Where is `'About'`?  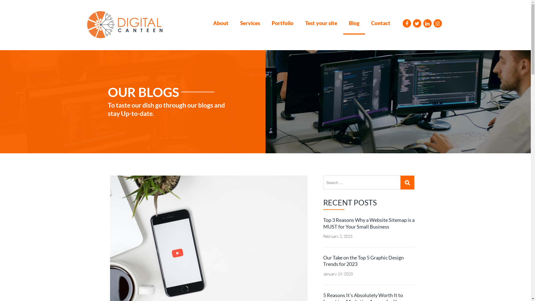 'About' is located at coordinates (220, 26).